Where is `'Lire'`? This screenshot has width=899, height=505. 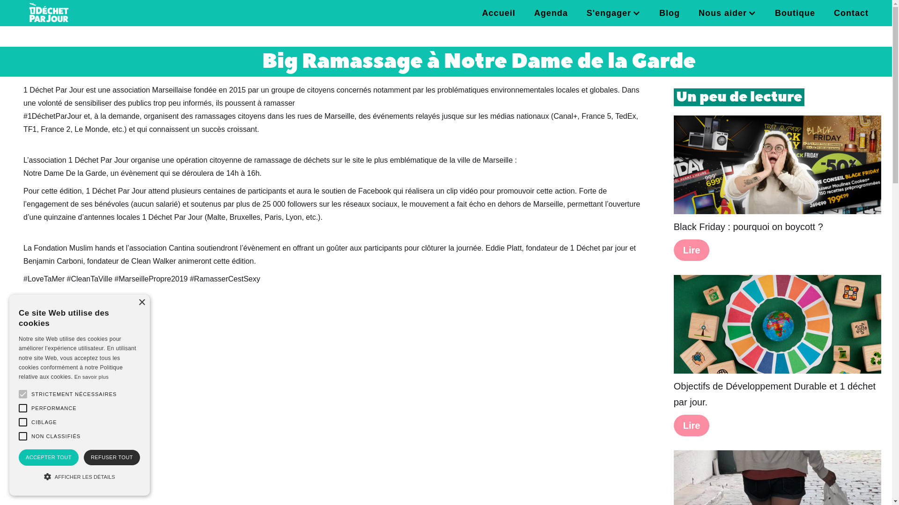
'Lire' is located at coordinates (692, 426).